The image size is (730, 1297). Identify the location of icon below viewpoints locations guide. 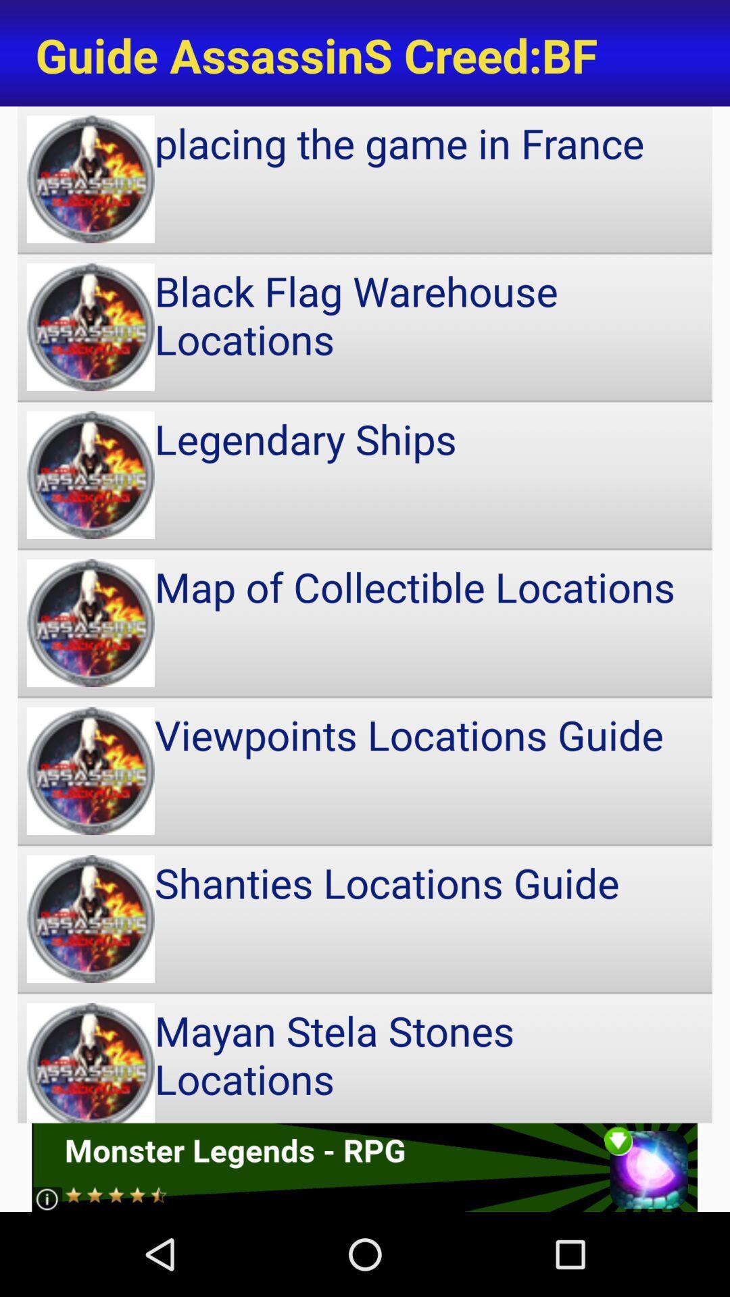
(365, 919).